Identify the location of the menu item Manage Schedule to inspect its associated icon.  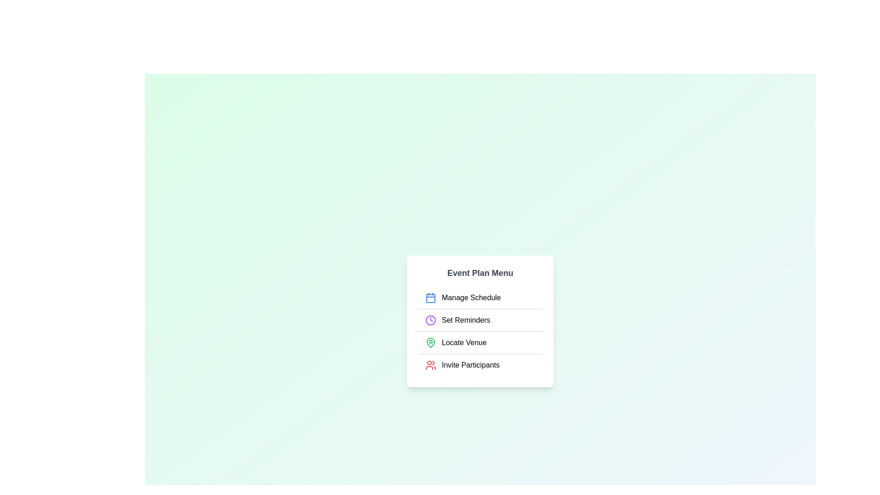
(430, 297).